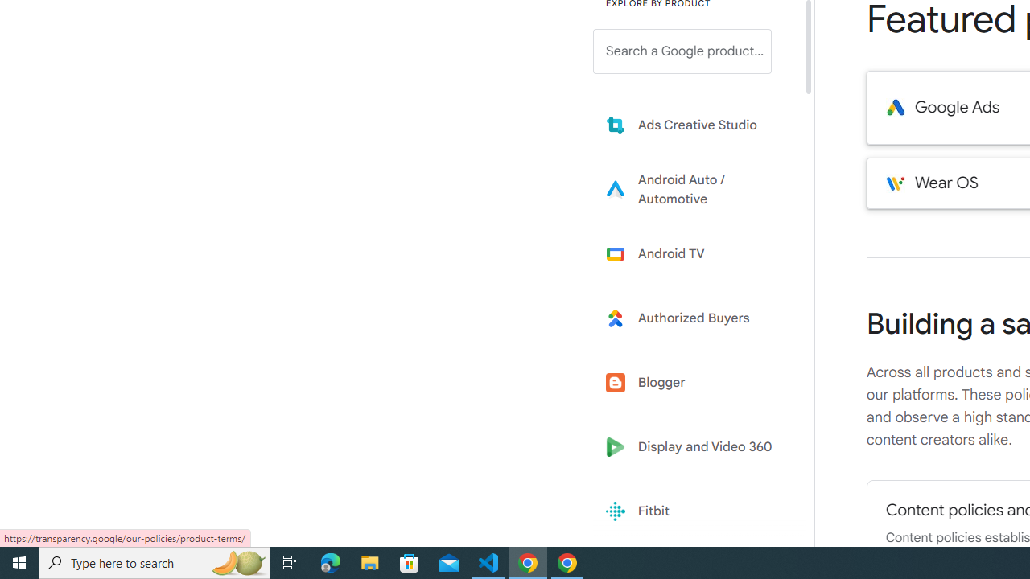 The height and width of the screenshot is (579, 1030). I want to click on 'Blogger', so click(694, 383).